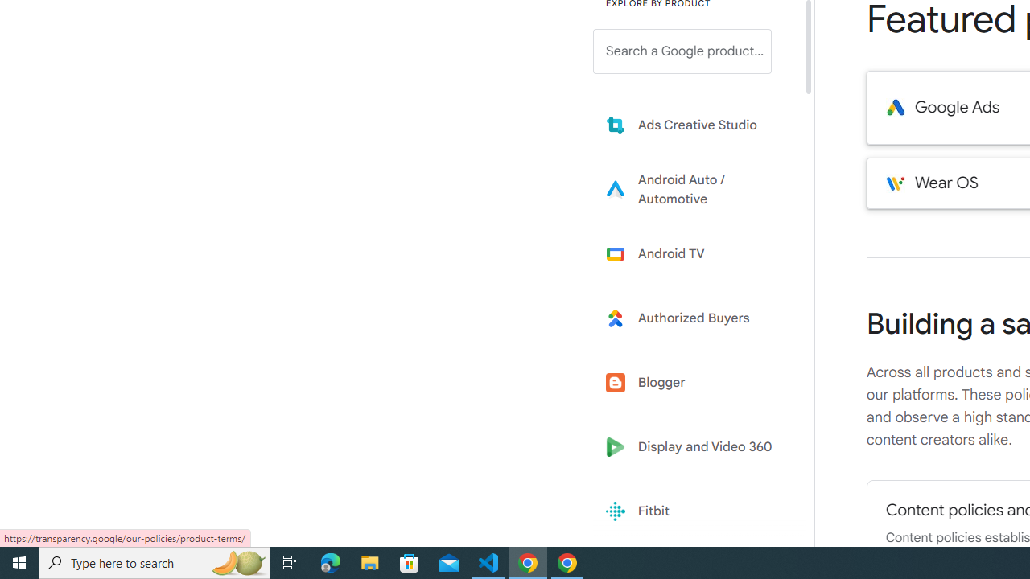 The height and width of the screenshot is (579, 1030). I want to click on 'Blogger', so click(694, 383).